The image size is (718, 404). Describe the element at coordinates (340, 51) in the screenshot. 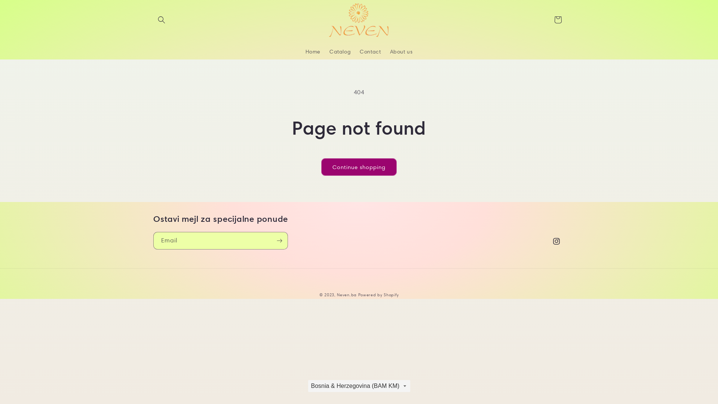

I see `'Catalog'` at that location.